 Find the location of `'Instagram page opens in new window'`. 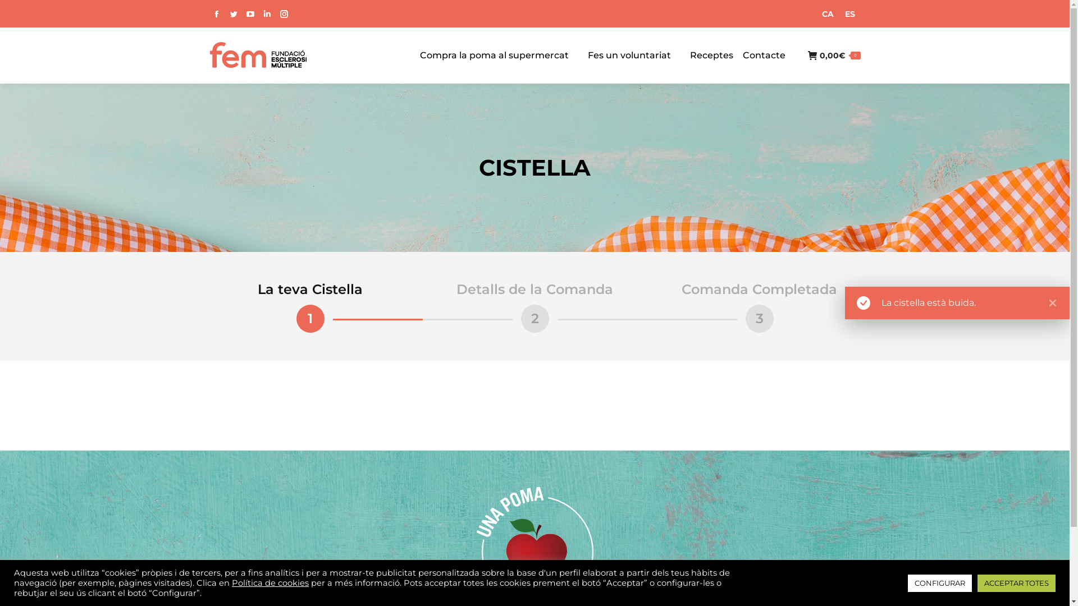

'Instagram page opens in new window' is located at coordinates (283, 13).